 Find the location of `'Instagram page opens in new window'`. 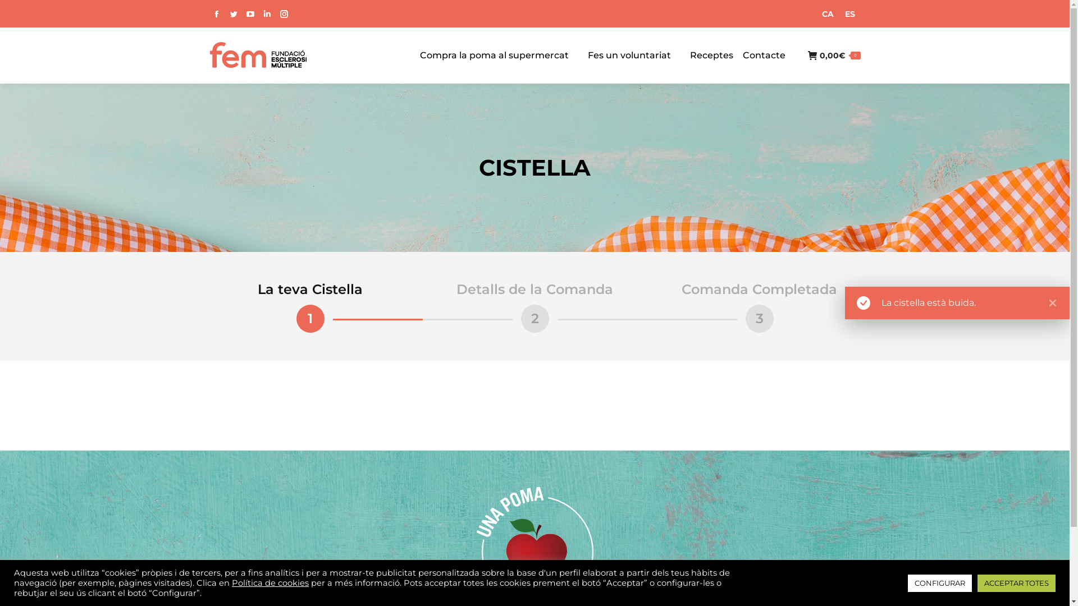

'Instagram page opens in new window' is located at coordinates (283, 13).